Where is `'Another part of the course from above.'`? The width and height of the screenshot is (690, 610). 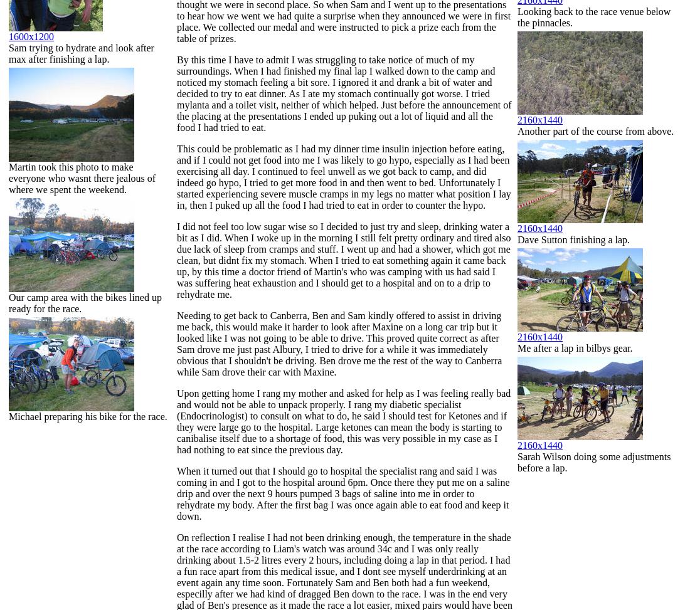
'Another part of the course from above.' is located at coordinates (595, 130).